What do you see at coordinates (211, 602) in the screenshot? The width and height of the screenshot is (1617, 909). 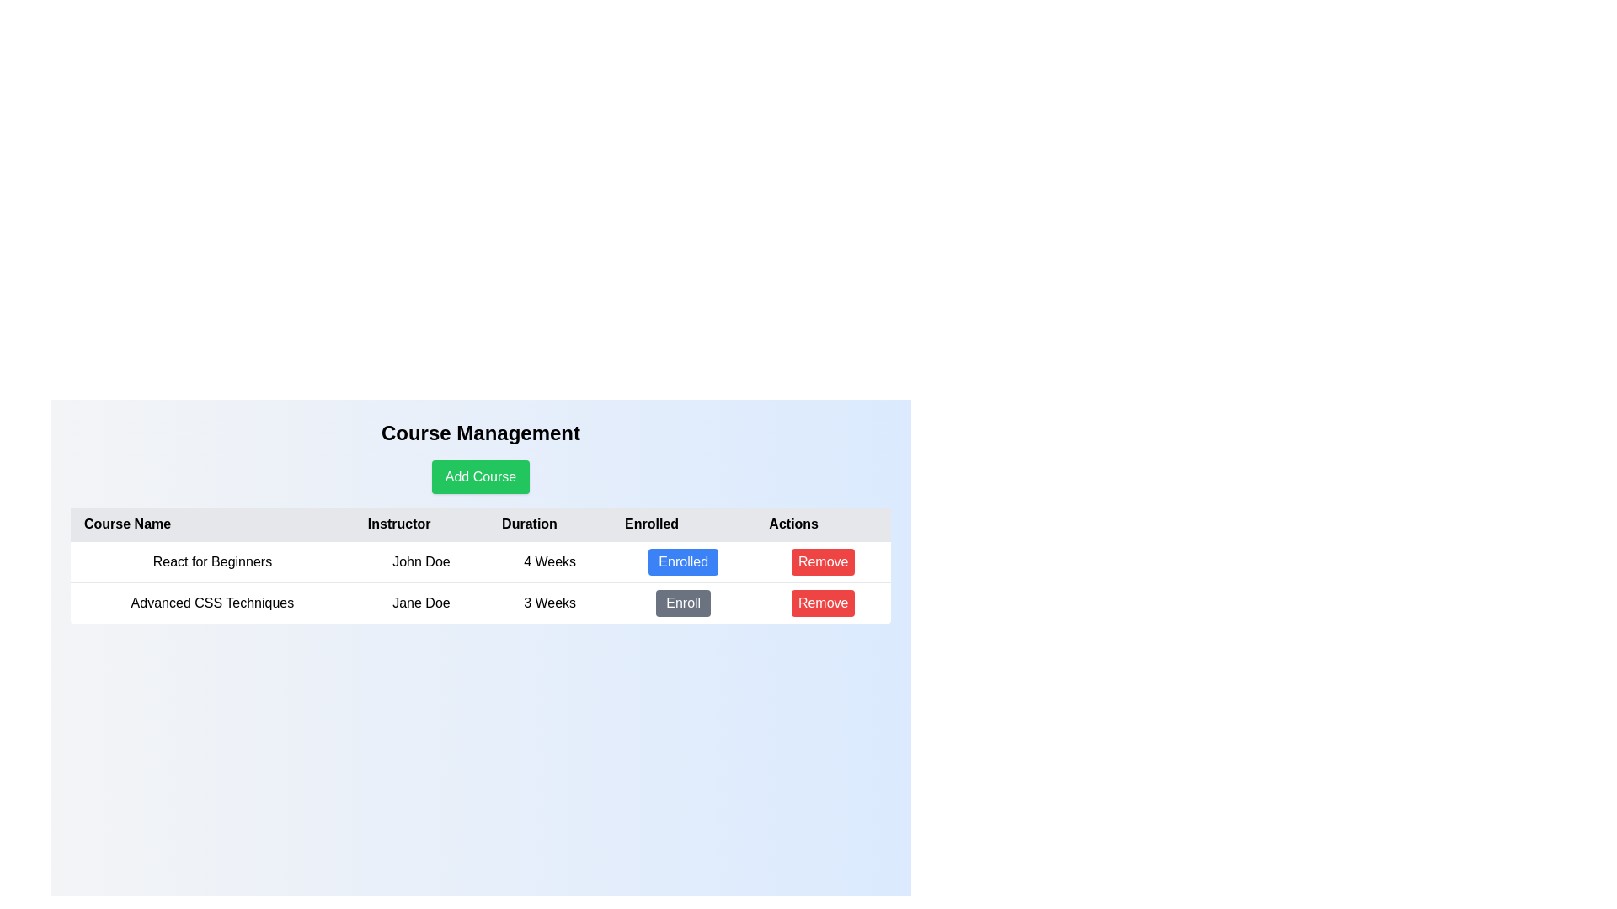 I see `the text label indicating the name of the course in the second row and first column of the table, adjacent to 'Jane Doe'` at bounding box center [211, 602].